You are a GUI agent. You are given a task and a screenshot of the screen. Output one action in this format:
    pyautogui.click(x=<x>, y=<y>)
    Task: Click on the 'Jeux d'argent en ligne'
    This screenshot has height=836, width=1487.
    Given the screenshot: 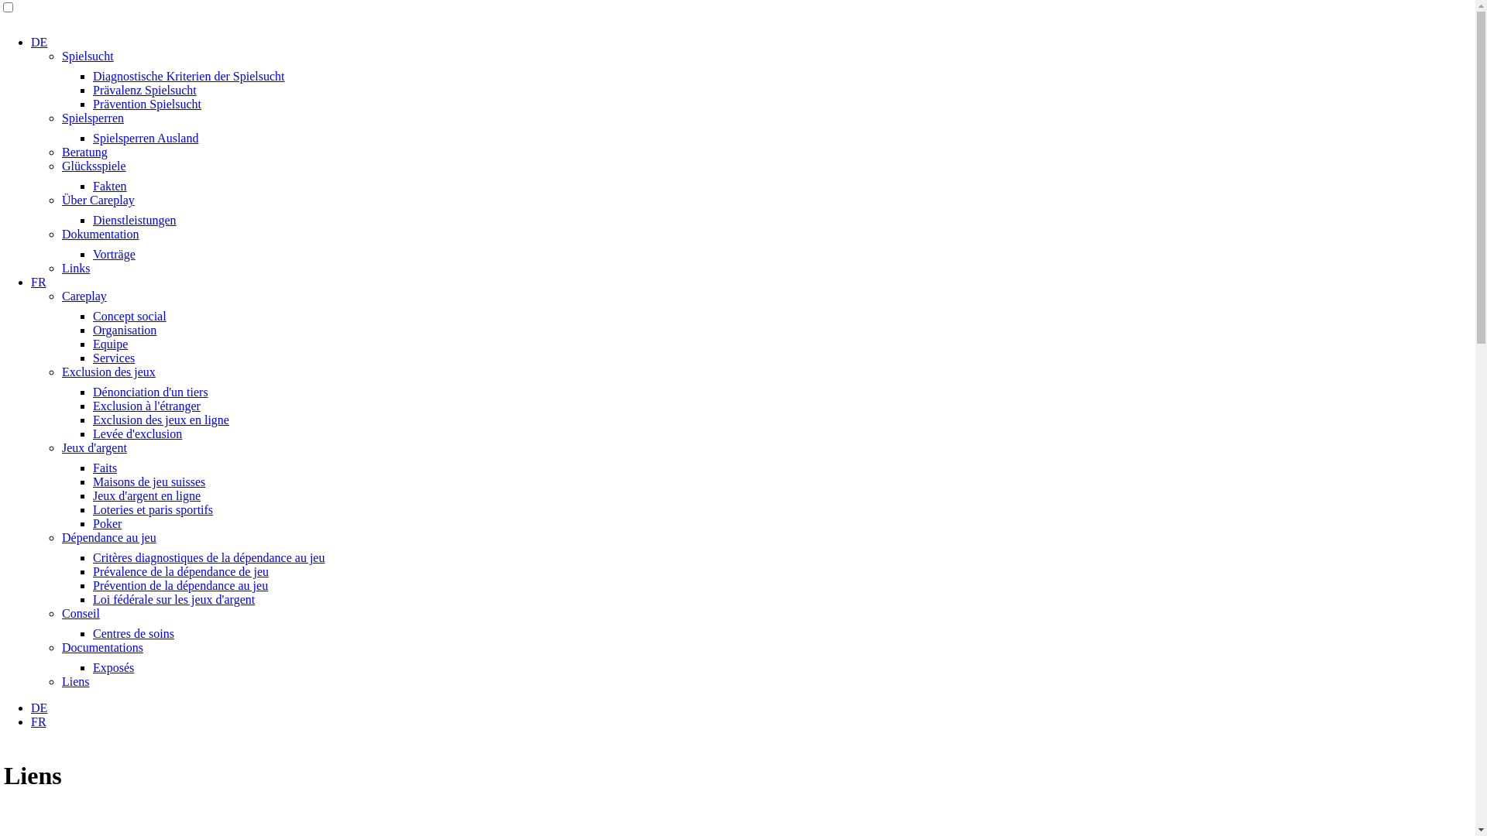 What is the action you would take?
    pyautogui.click(x=146, y=495)
    